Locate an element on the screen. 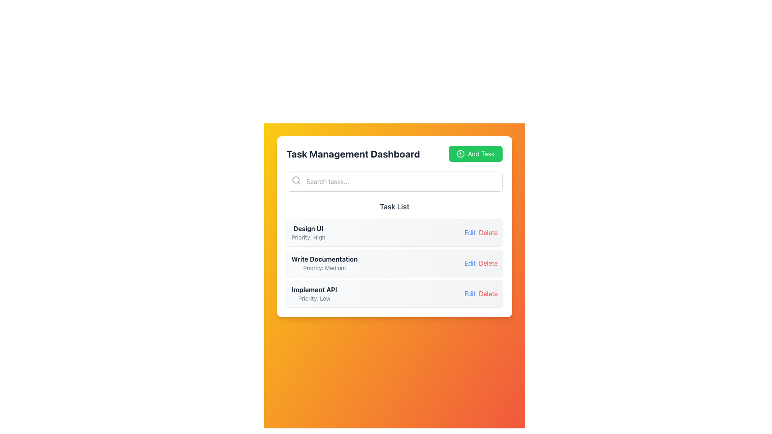  the bold text block labeled 'Design UI' which is styled to stand out within the task management interface, located above the text 'Priority: High' is located at coordinates (308, 229).